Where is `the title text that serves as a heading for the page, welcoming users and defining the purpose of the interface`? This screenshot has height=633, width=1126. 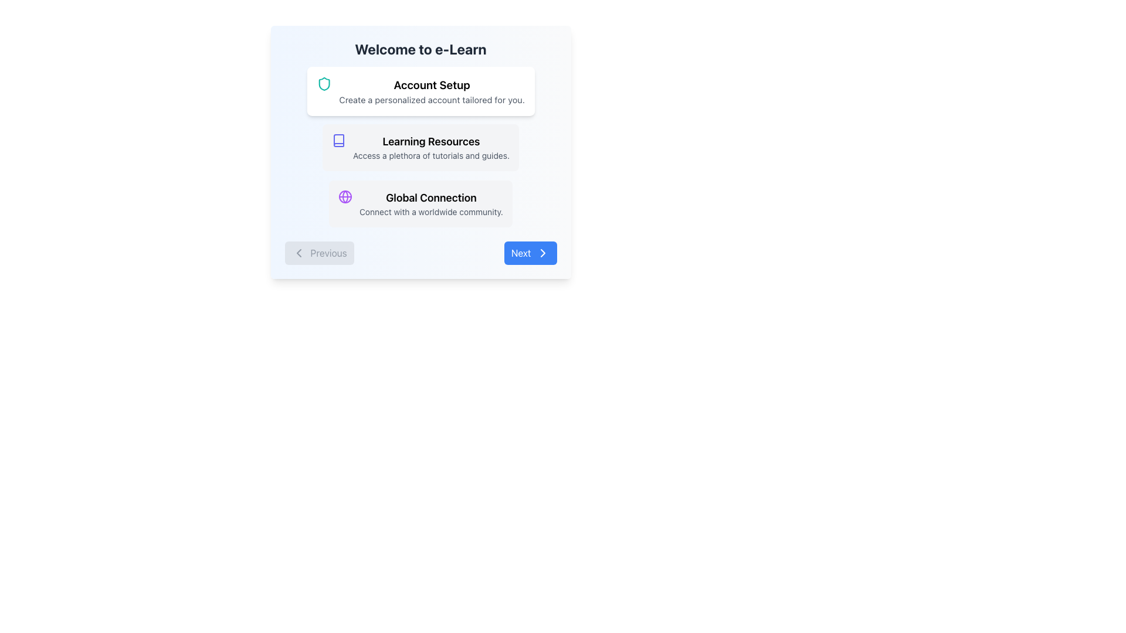
the title text that serves as a heading for the page, welcoming users and defining the purpose of the interface is located at coordinates (420, 49).